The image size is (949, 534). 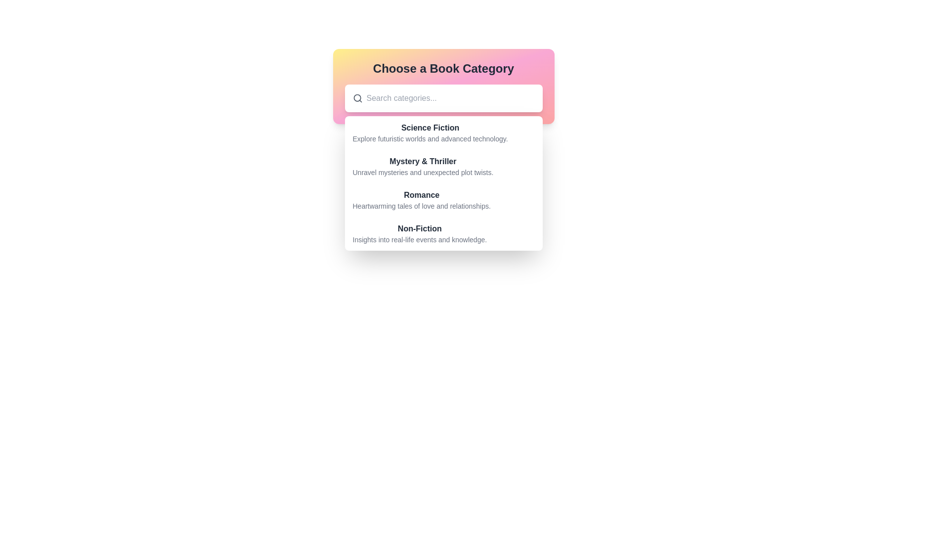 I want to click on the text label that reads 'Insights into real-life events and knowledge.' which is styled in a smaller-sized, gray font and positioned below the bold 'Non-Fiction' text in the dropdown menu titled 'Choose a Book Category', so click(x=420, y=240).